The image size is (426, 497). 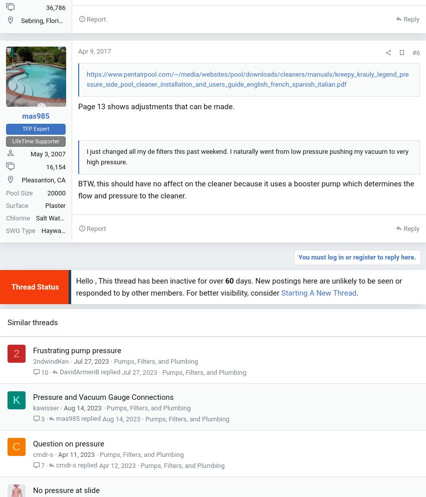 What do you see at coordinates (66, 490) in the screenshot?
I see `'No pressure at slide'` at bounding box center [66, 490].